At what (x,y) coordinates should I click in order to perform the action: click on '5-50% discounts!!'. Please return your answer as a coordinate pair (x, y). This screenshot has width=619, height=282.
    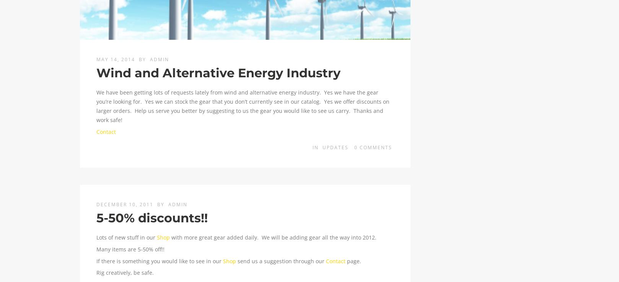
    Looking at the image, I should click on (152, 217).